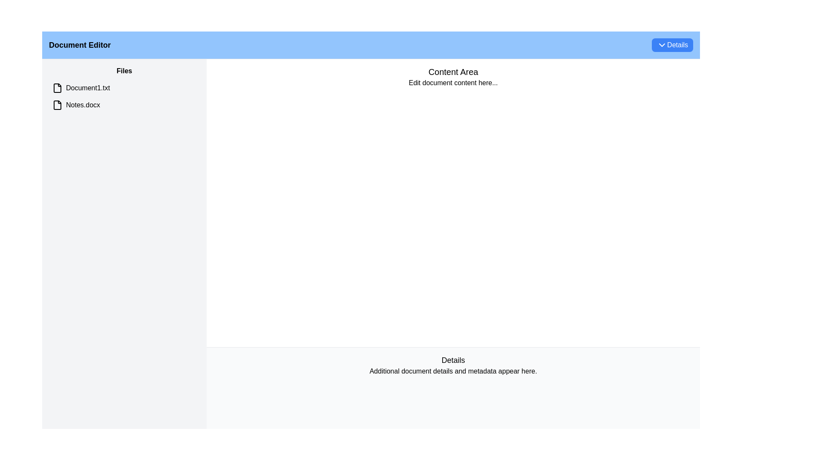  I want to click on the file icon with a minimalist design located next to the 'Notes.docx' file in the left-hand sidebar under the 'Files' category, so click(57, 104).